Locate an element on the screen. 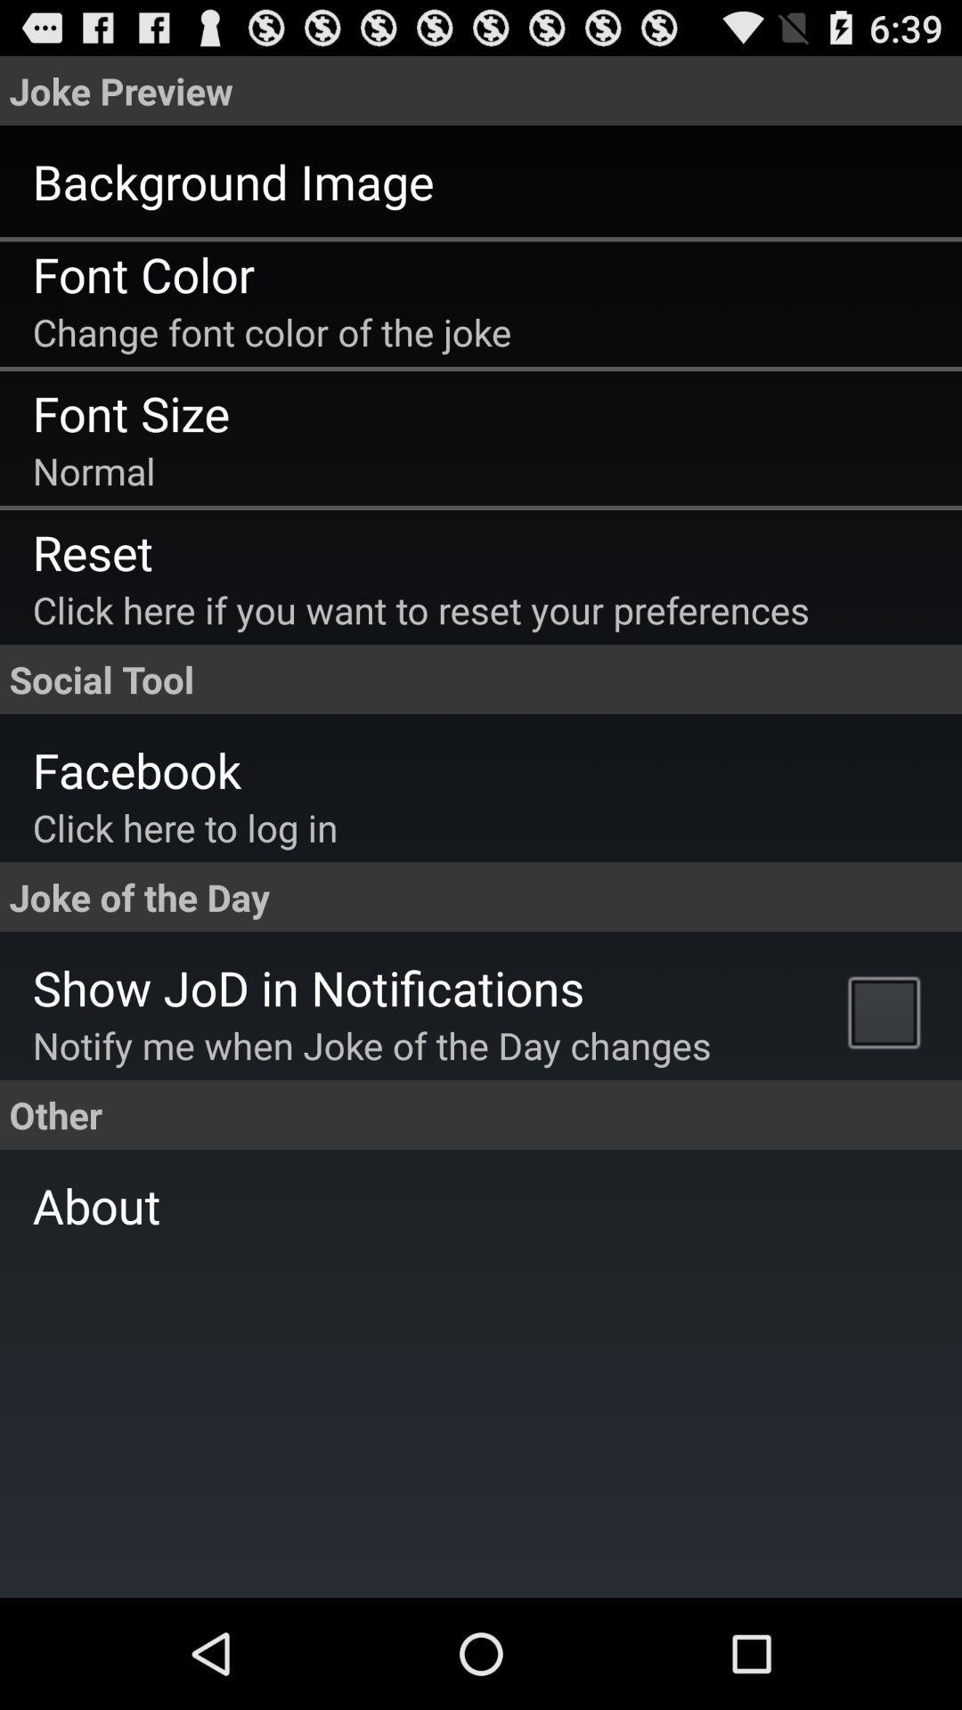 The width and height of the screenshot is (962, 1710). the item to the right of the notify me when app is located at coordinates (888, 1011).